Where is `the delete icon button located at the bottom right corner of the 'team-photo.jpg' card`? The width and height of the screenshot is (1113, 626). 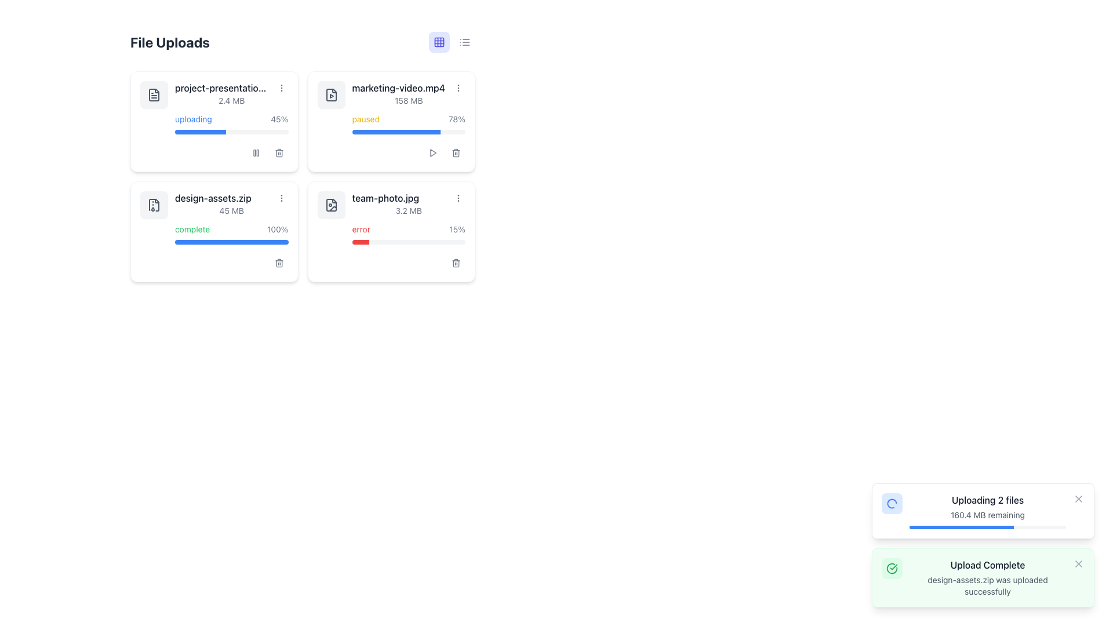
the delete icon button located at the bottom right corner of the 'team-photo.jpg' card is located at coordinates (456, 152).